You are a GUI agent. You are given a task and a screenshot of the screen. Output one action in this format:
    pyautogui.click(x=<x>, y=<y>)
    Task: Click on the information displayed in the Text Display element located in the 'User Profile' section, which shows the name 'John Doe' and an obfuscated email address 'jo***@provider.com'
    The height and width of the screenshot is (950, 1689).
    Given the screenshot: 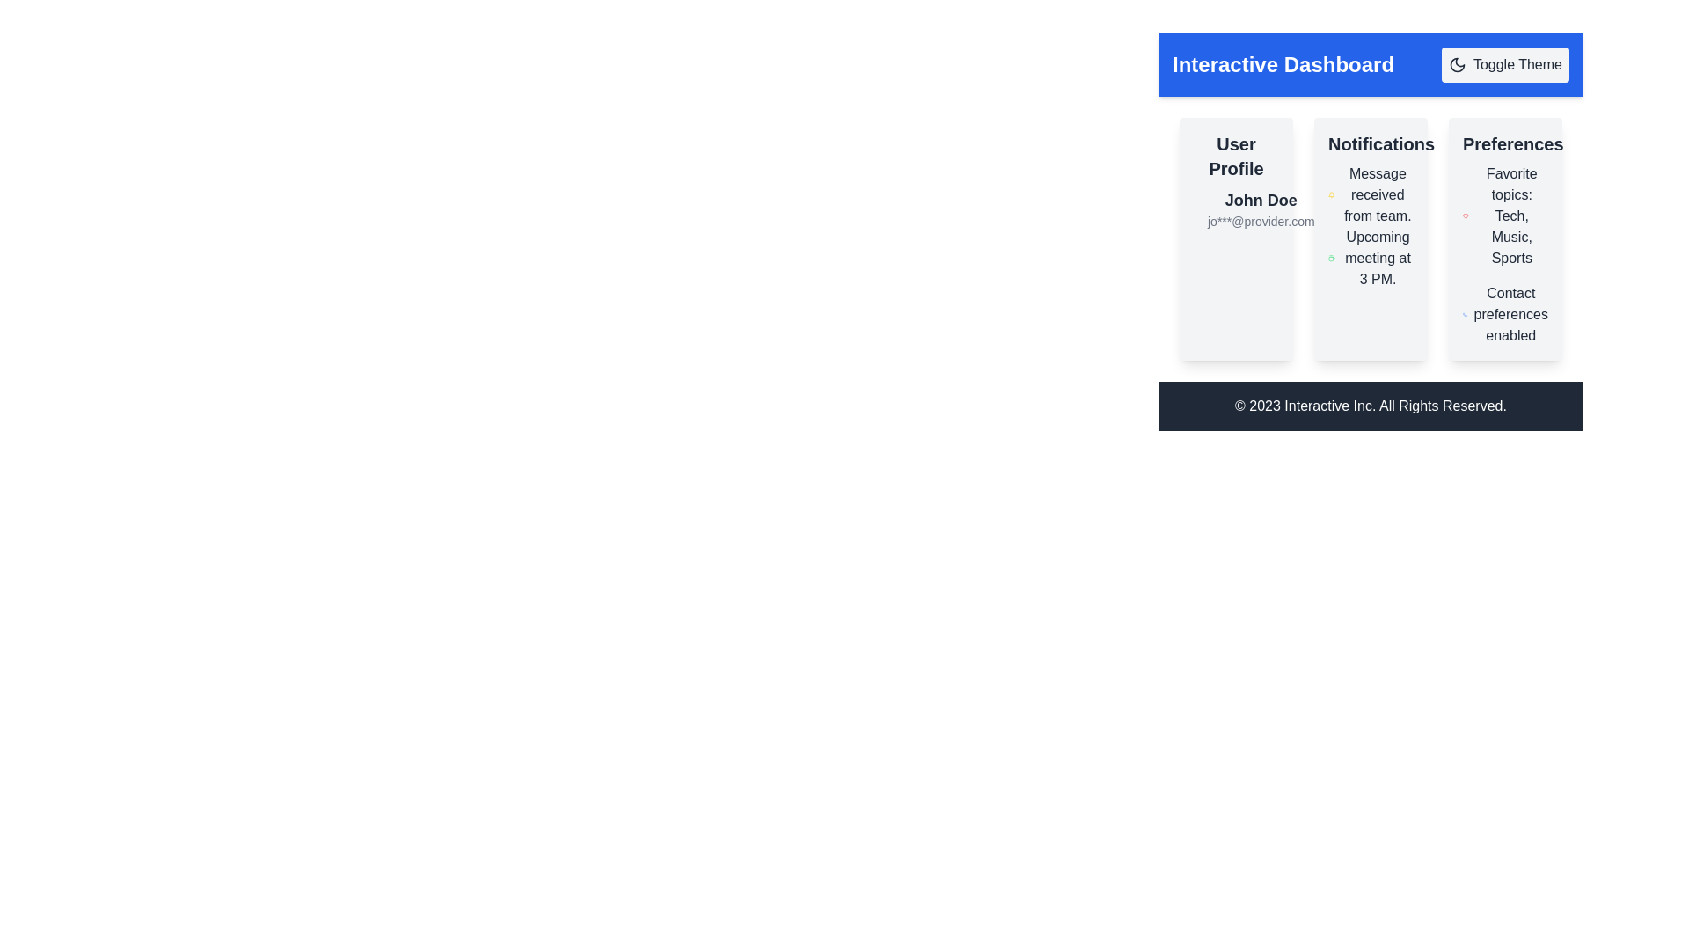 What is the action you would take?
    pyautogui.click(x=1260, y=208)
    